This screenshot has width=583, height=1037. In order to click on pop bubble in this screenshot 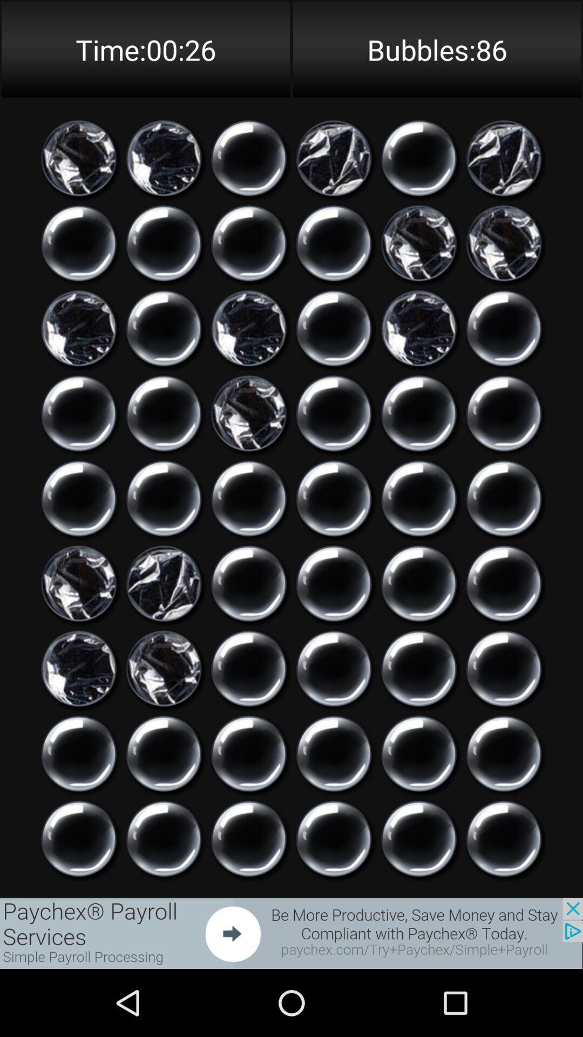, I will do `click(78, 498)`.